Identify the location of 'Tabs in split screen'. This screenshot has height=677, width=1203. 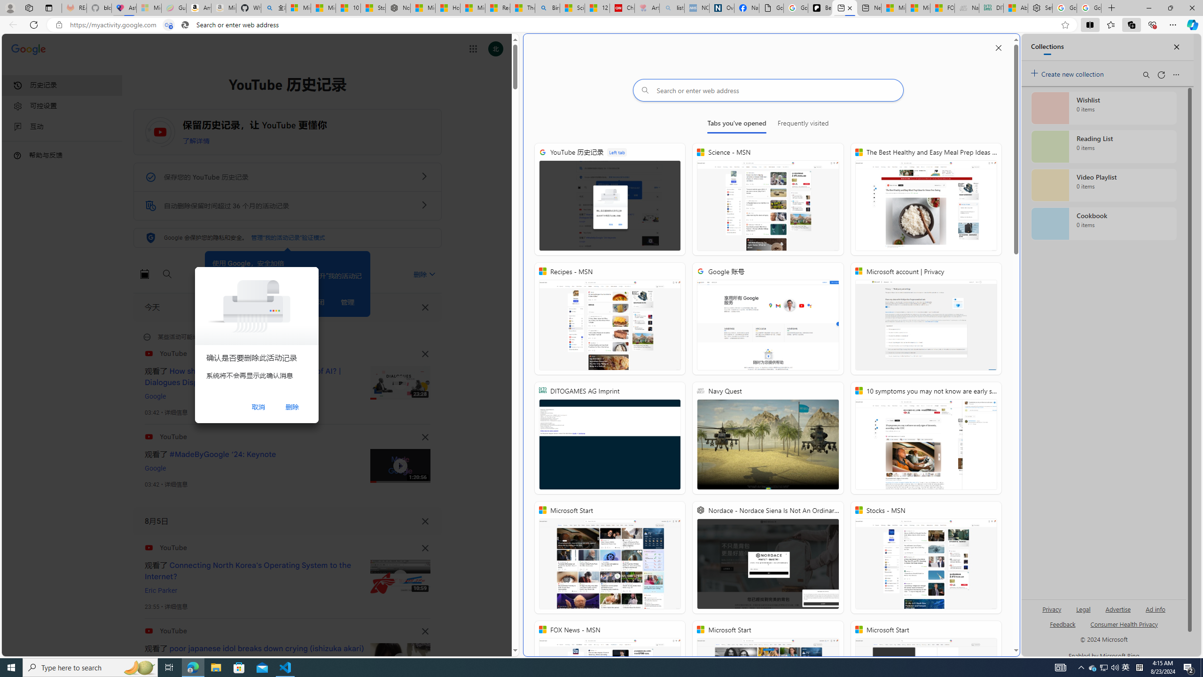
(168, 25).